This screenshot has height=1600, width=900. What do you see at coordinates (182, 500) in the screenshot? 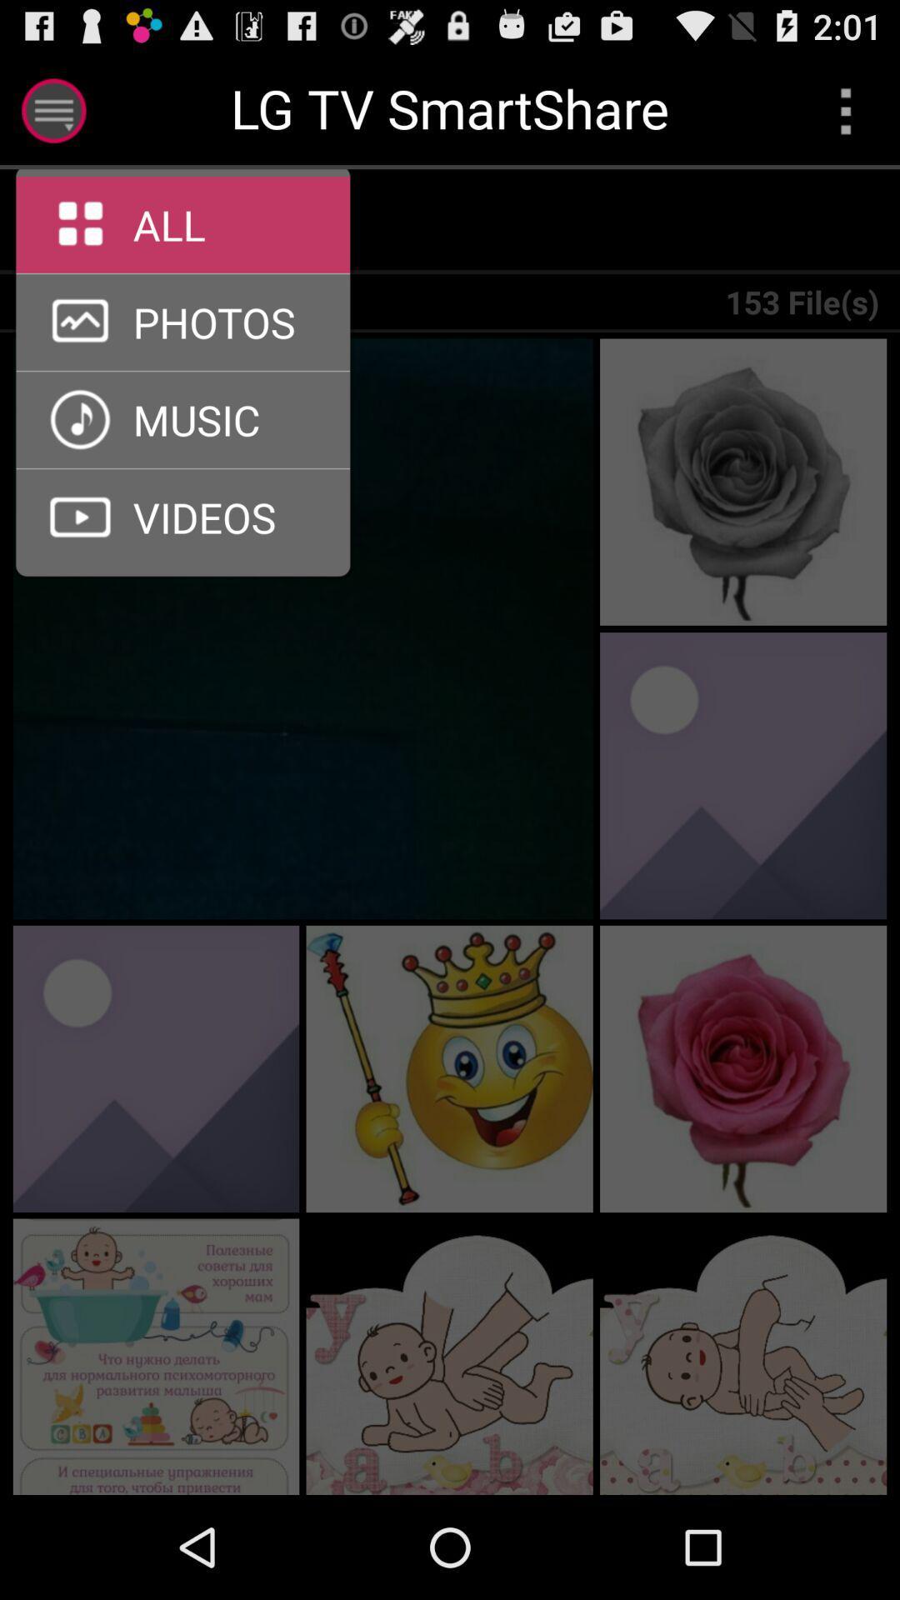
I see `the arrow_forward icon` at bounding box center [182, 500].